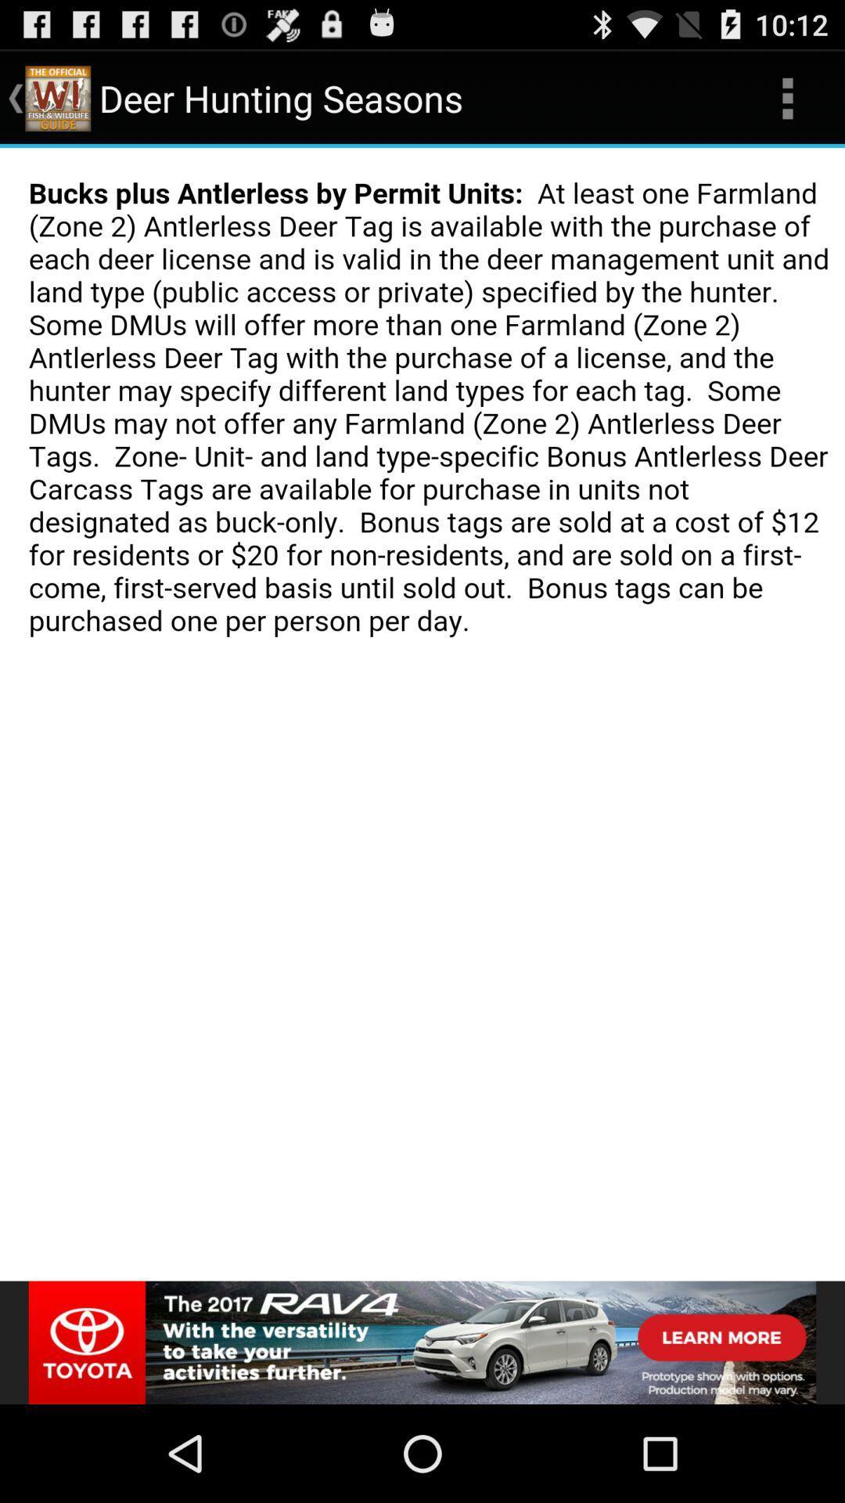 This screenshot has height=1503, width=845. I want to click on view toyota website, so click(422, 1342).